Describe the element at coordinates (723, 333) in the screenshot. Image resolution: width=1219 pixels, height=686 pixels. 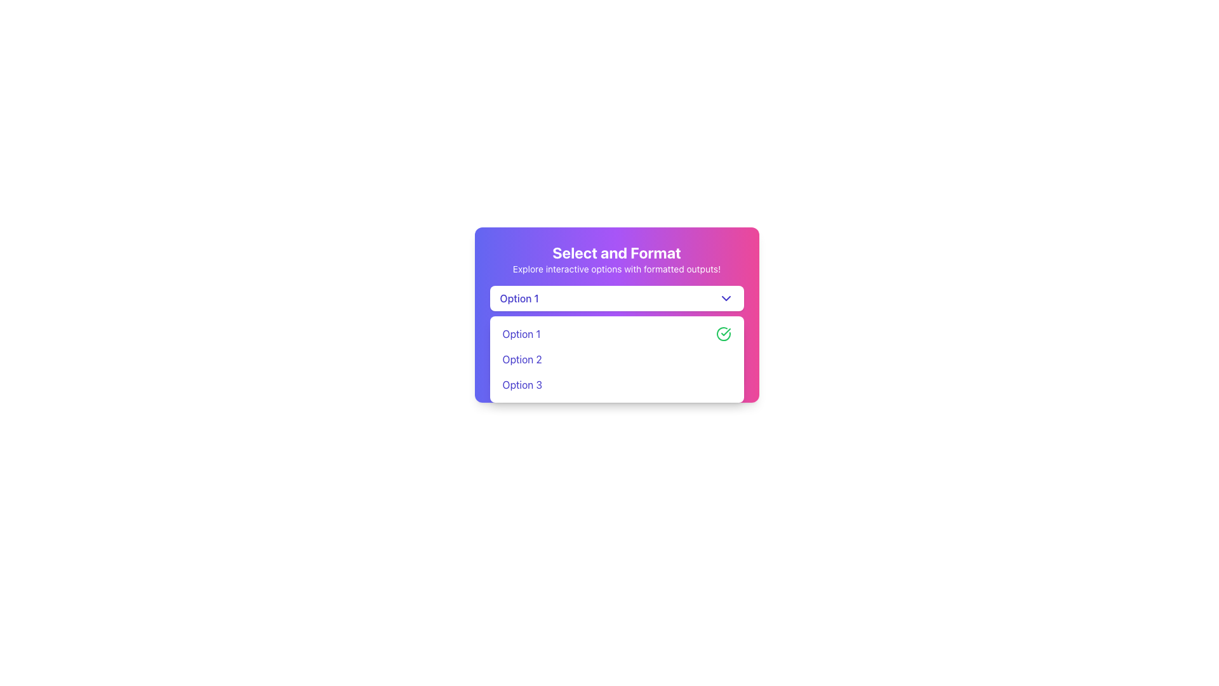
I see `the green circular SVG icon with a checkmark, located to the right of the 'Option 1' text in the dropdown menu` at that location.